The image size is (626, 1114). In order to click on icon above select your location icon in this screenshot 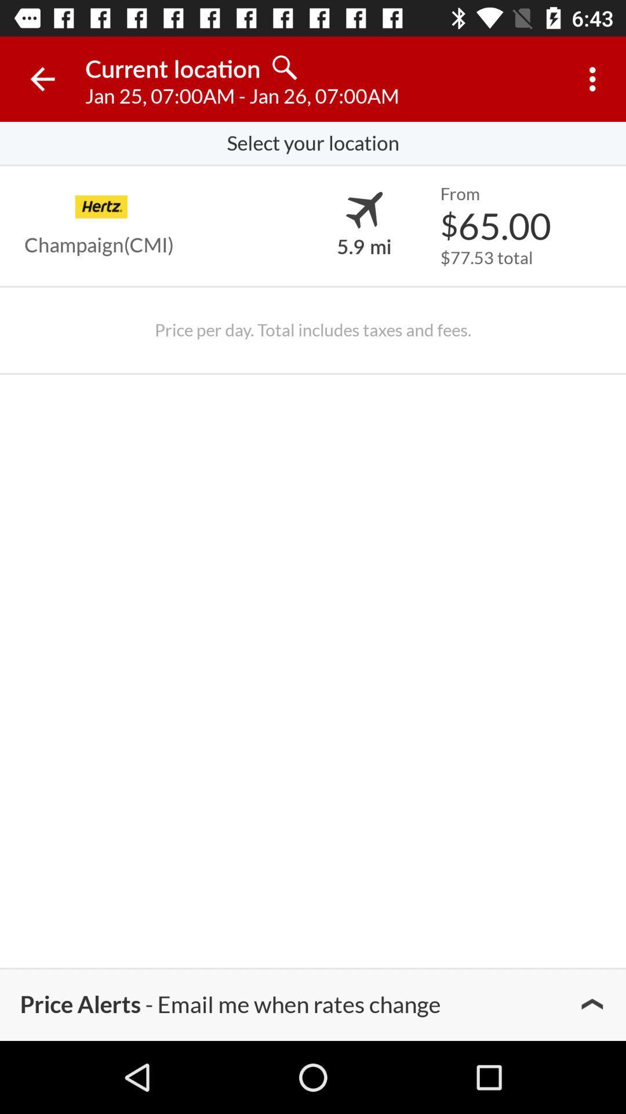, I will do `click(42, 78)`.